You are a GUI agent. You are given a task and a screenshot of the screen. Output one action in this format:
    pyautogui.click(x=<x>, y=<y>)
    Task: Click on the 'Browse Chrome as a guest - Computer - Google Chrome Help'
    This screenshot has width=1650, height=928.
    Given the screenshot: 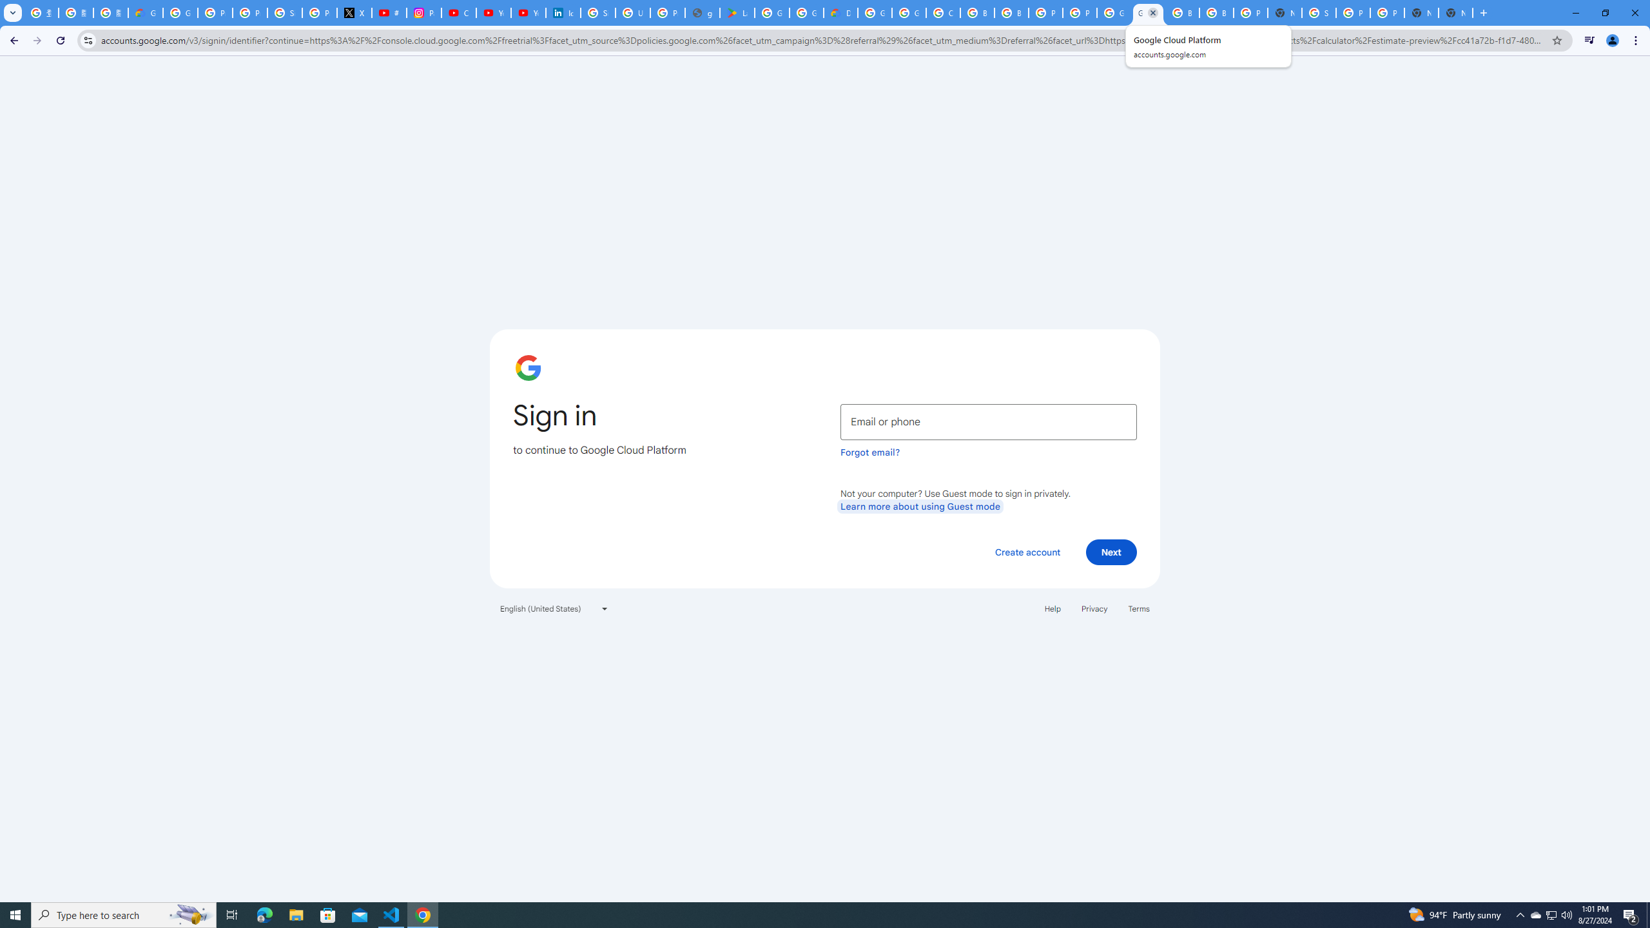 What is the action you would take?
    pyautogui.click(x=977, y=12)
    